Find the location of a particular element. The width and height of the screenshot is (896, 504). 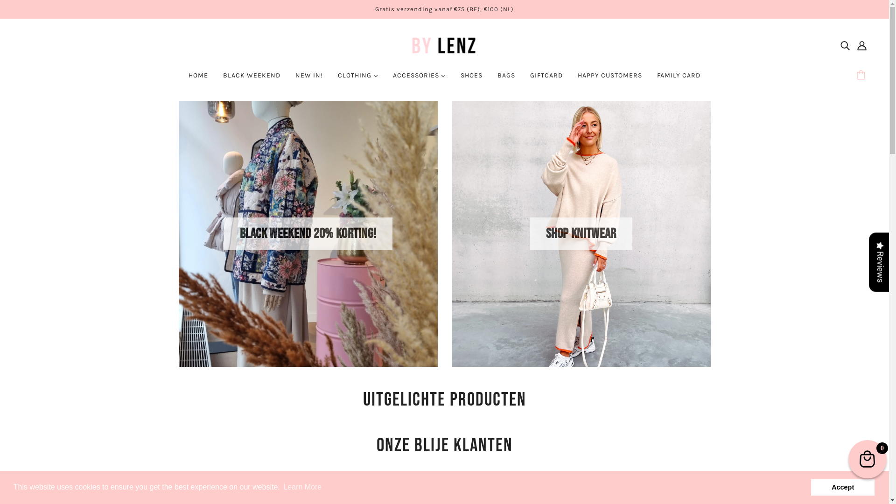

'HOME' is located at coordinates (198, 78).